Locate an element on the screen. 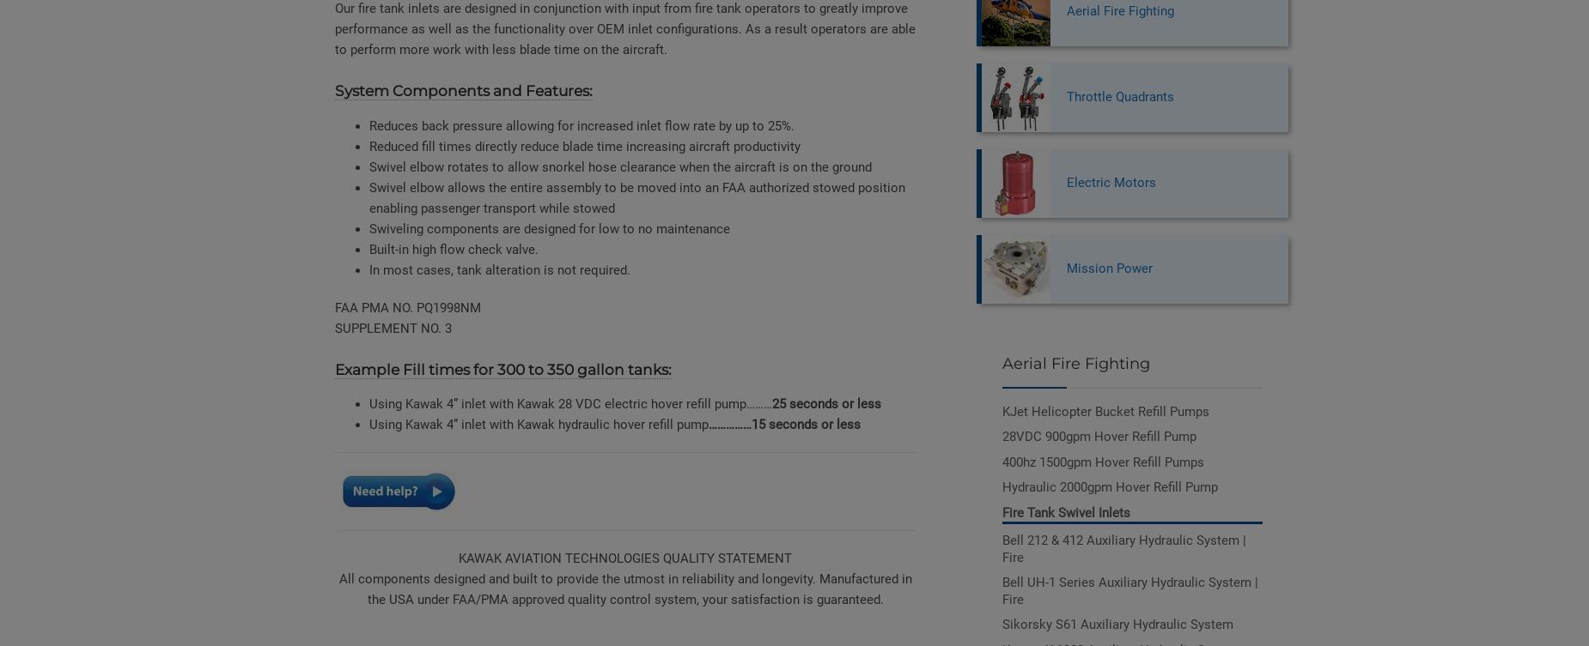  'Sikorsky S61 Auxiliary Hydraulic System' is located at coordinates (1116, 624).